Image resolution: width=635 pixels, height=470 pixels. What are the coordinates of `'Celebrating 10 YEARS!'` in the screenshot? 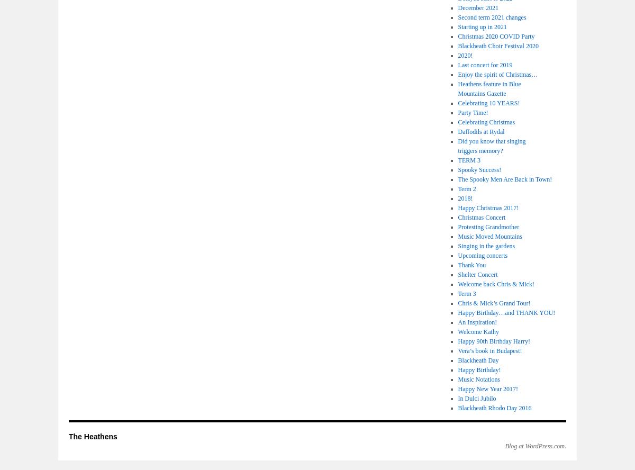 It's located at (457, 103).